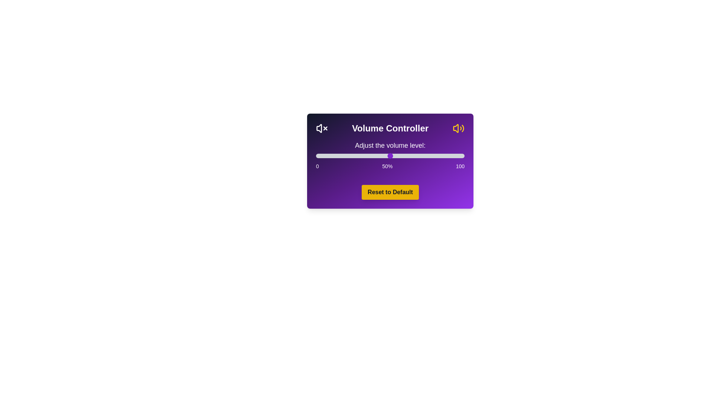 The height and width of the screenshot is (401, 713). Describe the element at coordinates (463, 156) in the screenshot. I see `the volume slider to set the volume to 99%` at that location.